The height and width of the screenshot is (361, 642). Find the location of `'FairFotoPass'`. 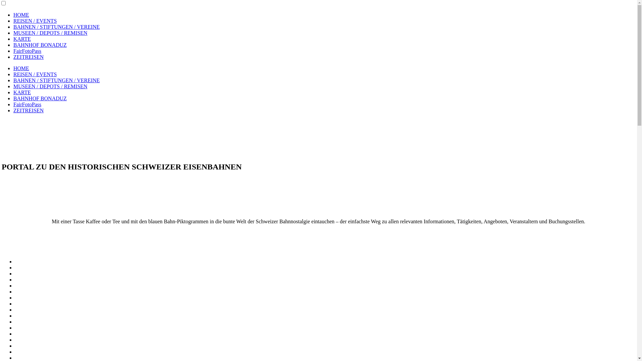

'FairFotoPass' is located at coordinates (27, 104).